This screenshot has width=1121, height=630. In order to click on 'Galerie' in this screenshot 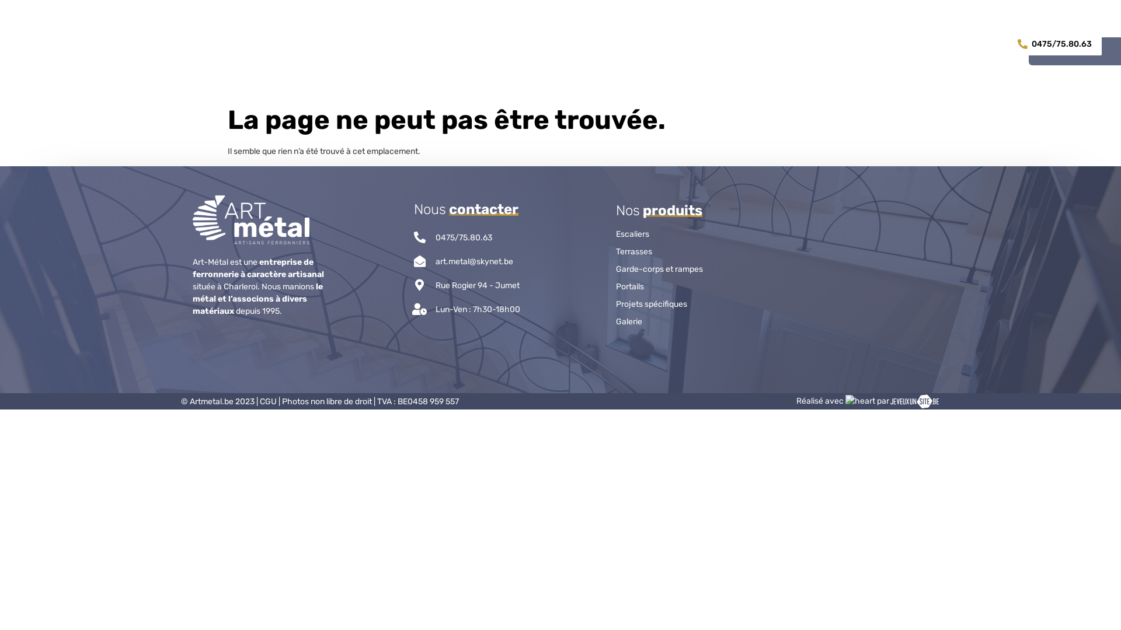, I will do `click(671, 321)`.